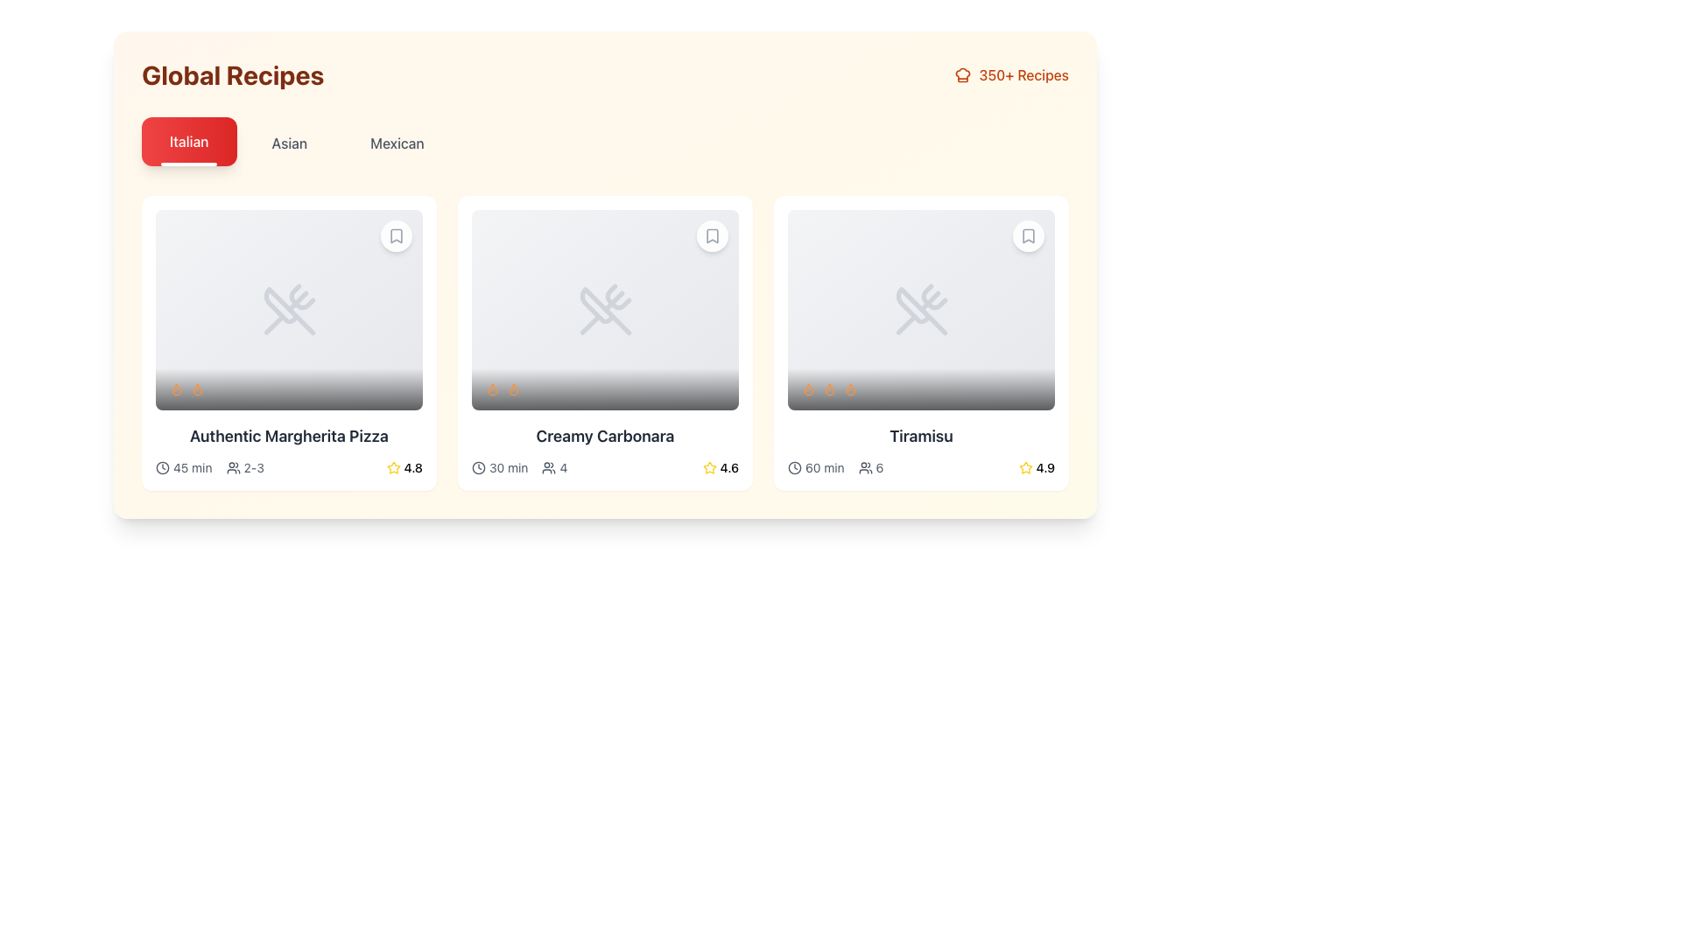 Image resolution: width=1681 pixels, height=945 pixels. I want to click on the clock icon located to the left of the '45 min' text in the bottom-left section of the card for 'Authentic Margherita Pizza', so click(163, 466).